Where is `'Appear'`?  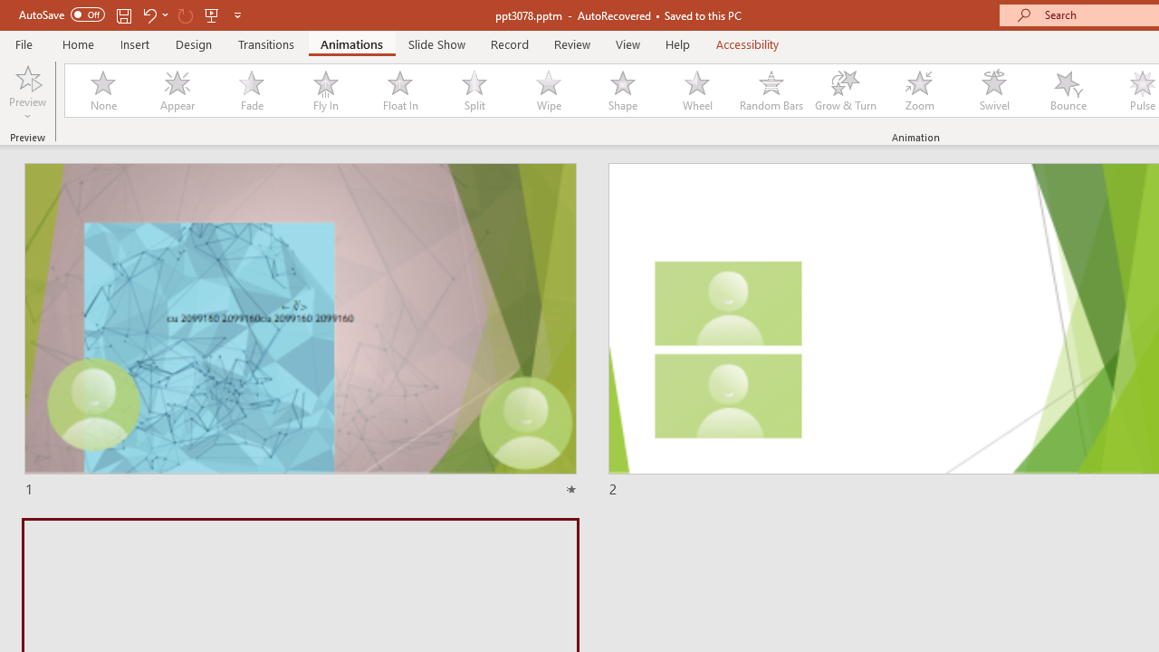 'Appear' is located at coordinates (177, 91).